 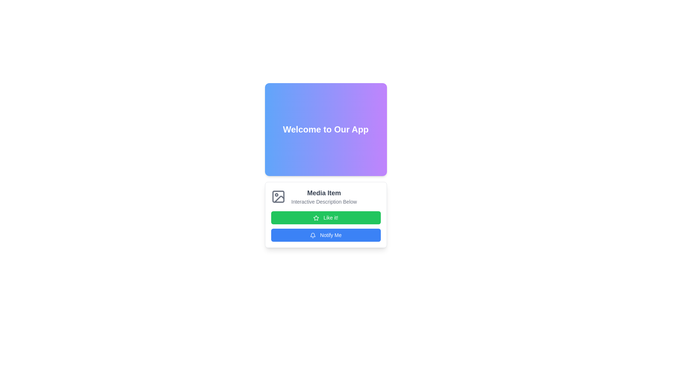 I want to click on information from the text block labeled 'Media Item' and 'Interactive Description Below' that is located next to a photo frame icon, so click(x=323, y=197).